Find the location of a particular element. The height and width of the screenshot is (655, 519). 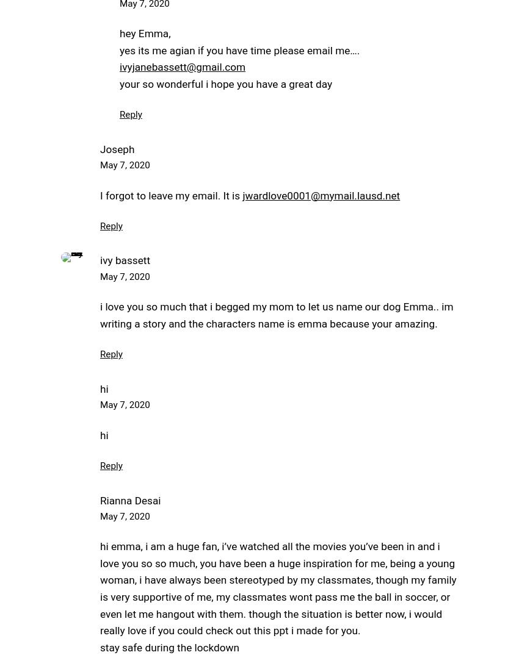

'Joseph' is located at coordinates (117, 148).